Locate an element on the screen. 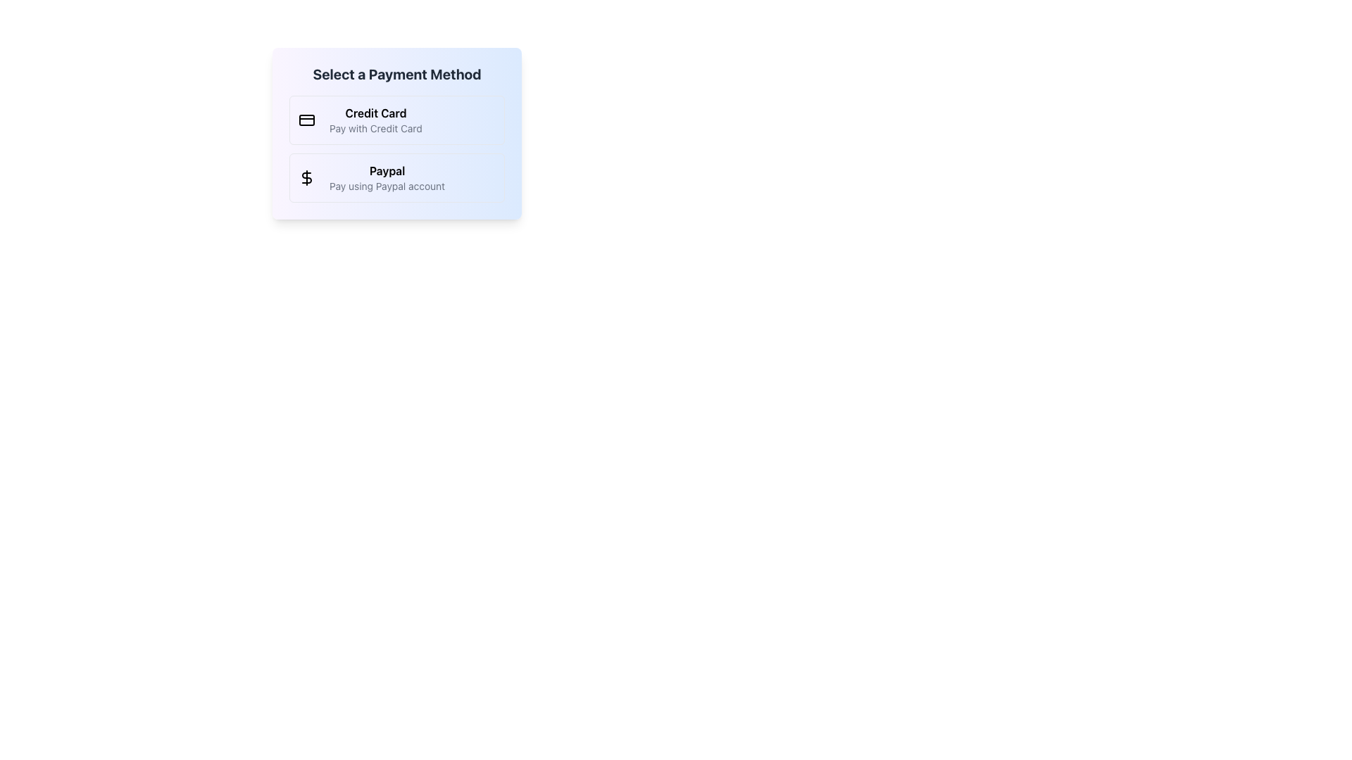 The width and height of the screenshot is (1352, 760). the text label that says 'Pay using Paypal account', which is styled in gray and positioned below the bolded 'Paypal' text is located at coordinates (387, 186).